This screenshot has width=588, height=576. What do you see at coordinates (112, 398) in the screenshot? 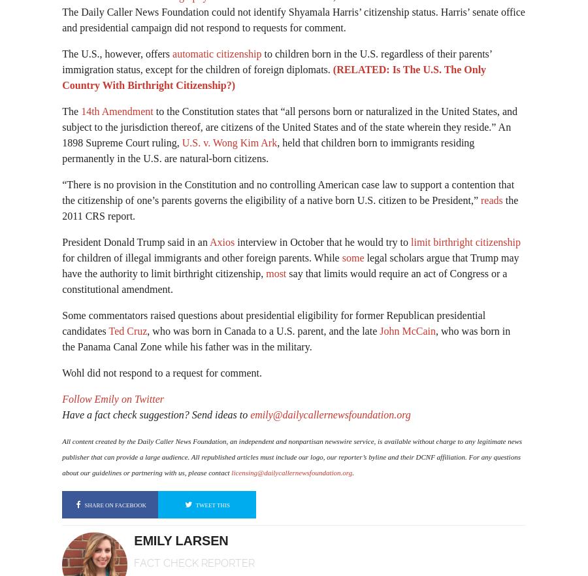
I see `'Follow Emily on Twitter'` at bounding box center [112, 398].